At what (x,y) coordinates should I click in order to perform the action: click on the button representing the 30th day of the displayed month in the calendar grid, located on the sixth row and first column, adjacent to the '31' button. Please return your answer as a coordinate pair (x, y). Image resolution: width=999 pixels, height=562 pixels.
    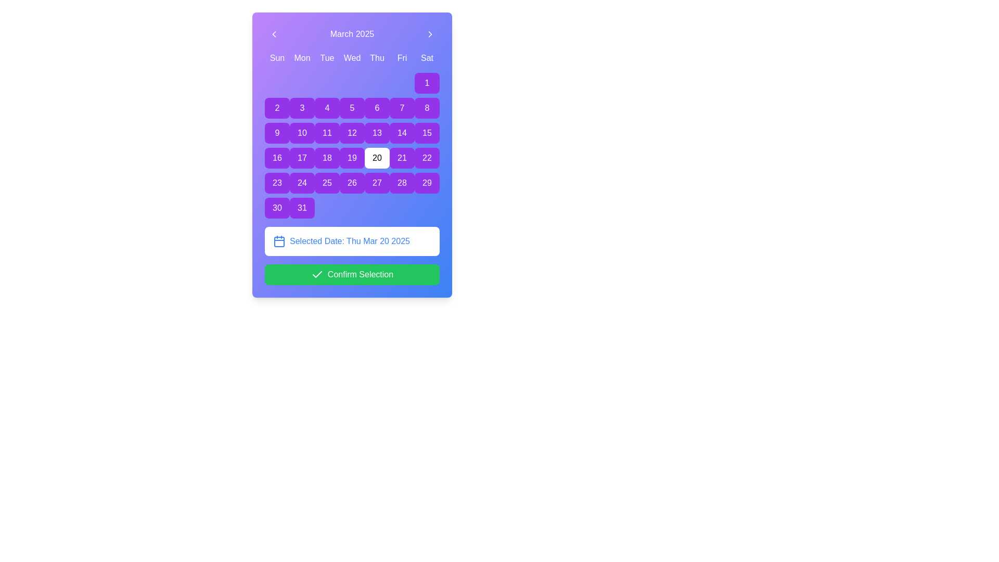
    Looking at the image, I should click on (277, 208).